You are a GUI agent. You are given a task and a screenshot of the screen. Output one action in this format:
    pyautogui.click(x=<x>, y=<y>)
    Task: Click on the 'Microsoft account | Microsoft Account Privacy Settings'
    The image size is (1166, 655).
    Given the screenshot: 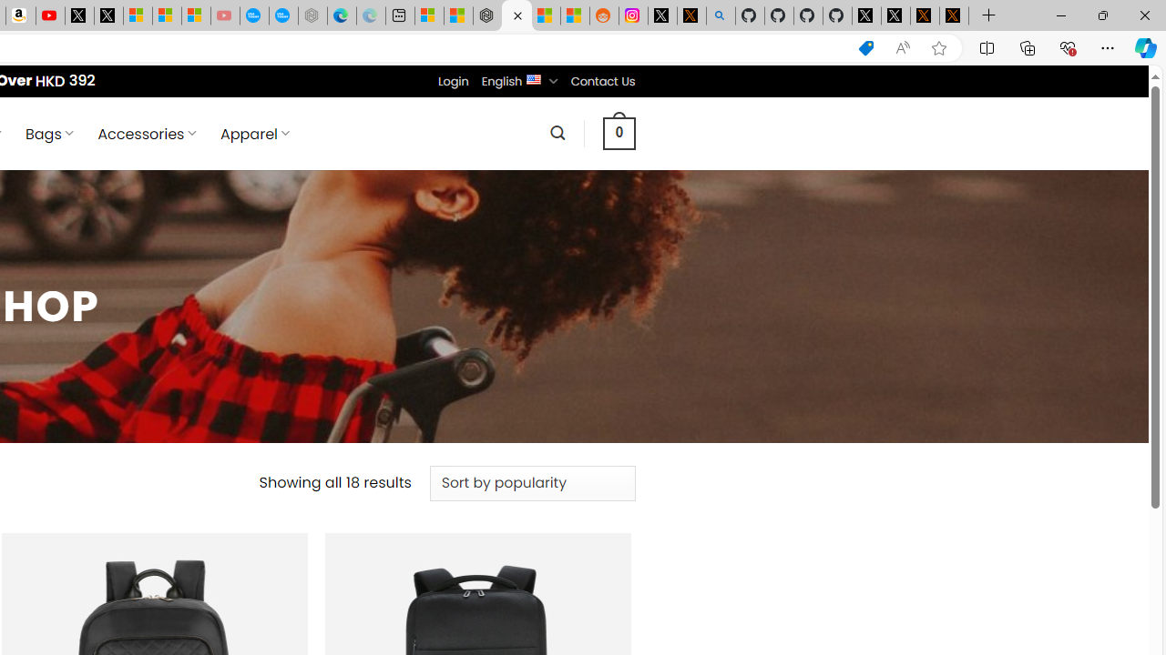 What is the action you would take?
    pyautogui.click(x=428, y=15)
    